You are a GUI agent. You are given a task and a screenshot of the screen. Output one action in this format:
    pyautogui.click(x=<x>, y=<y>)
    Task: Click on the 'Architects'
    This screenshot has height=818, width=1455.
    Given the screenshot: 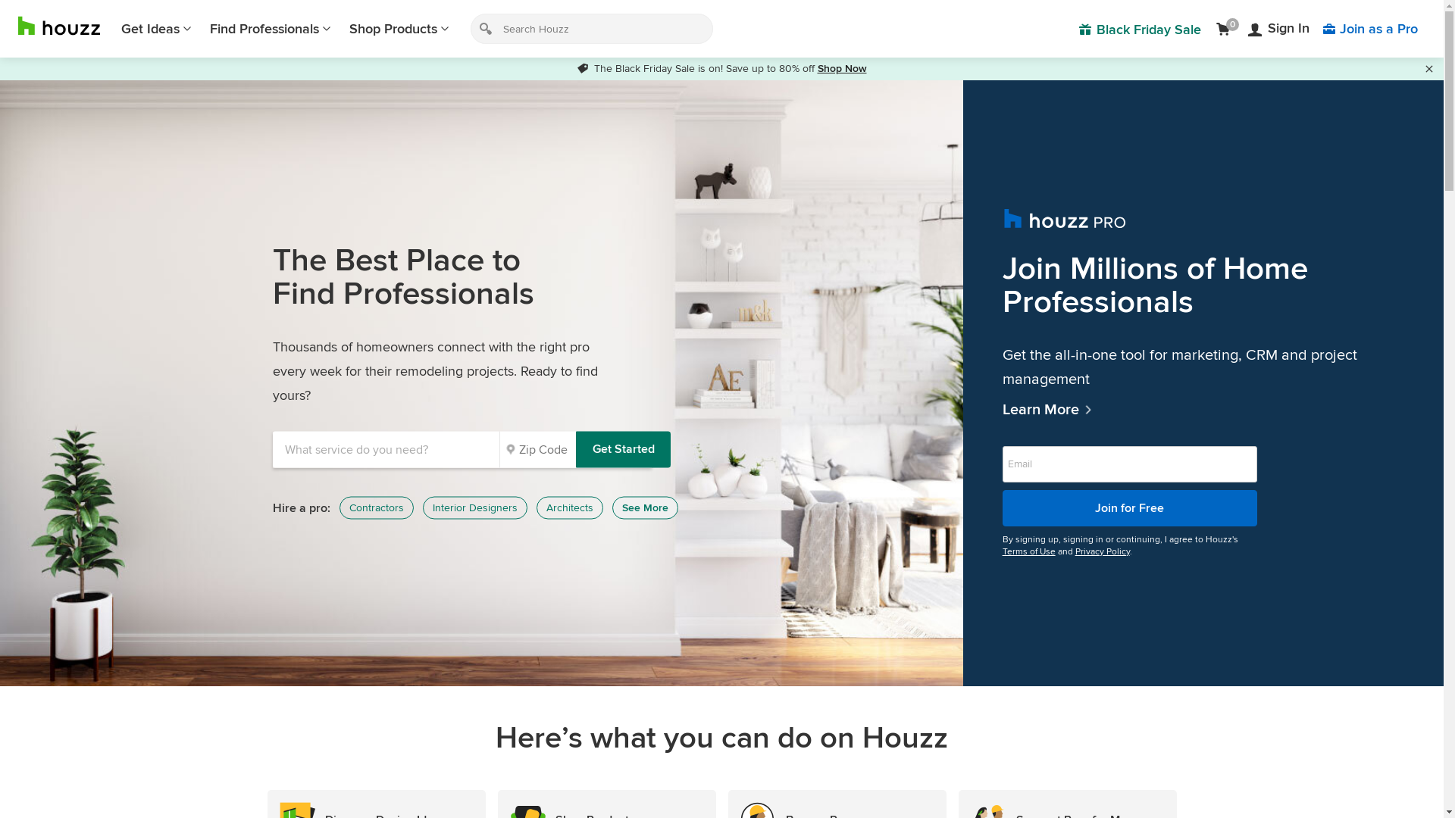 What is the action you would take?
    pyautogui.click(x=569, y=508)
    